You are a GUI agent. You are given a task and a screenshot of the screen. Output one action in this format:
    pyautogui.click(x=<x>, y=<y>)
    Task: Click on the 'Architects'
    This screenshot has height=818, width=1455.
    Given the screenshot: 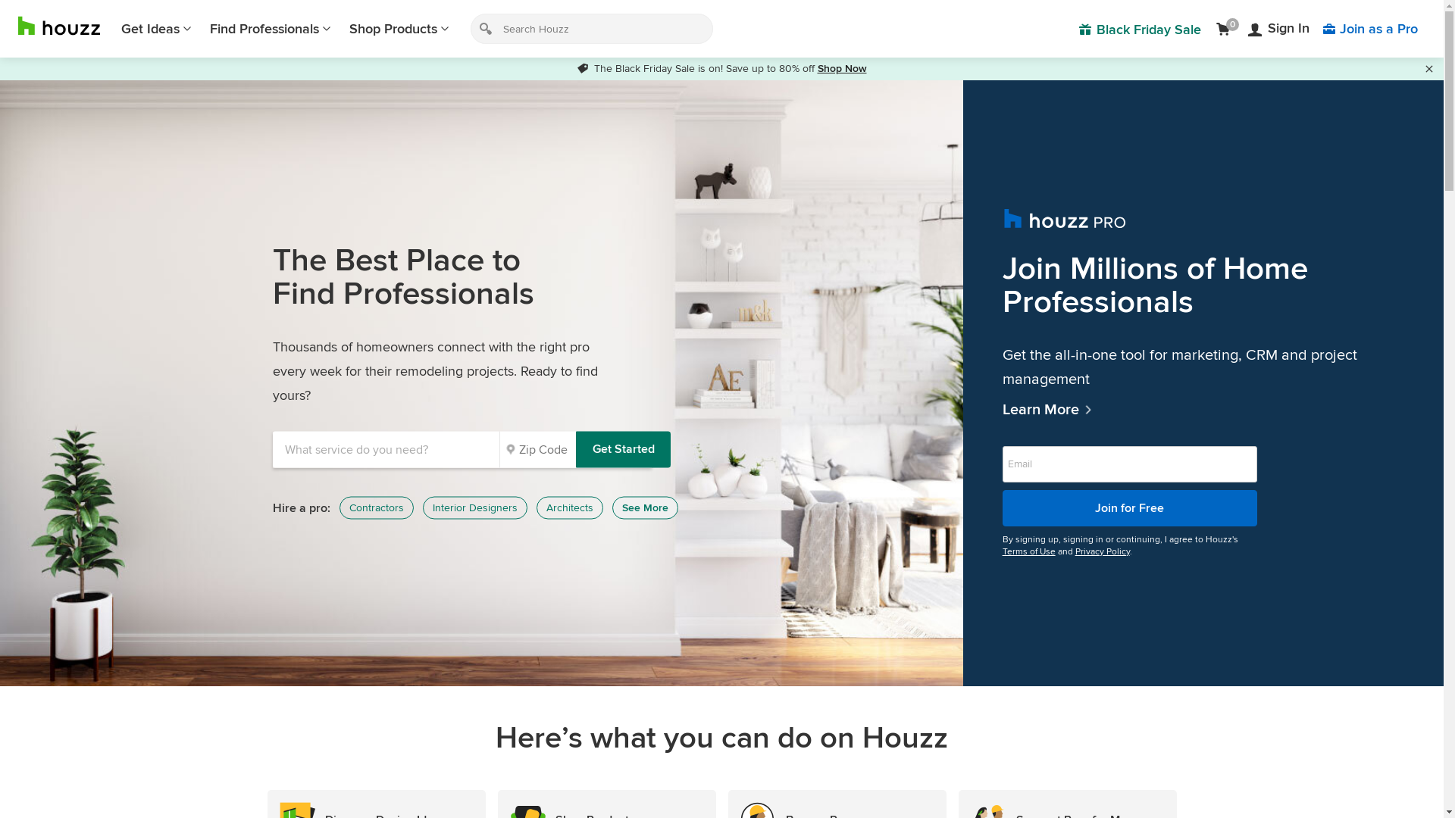 What is the action you would take?
    pyautogui.click(x=569, y=508)
    